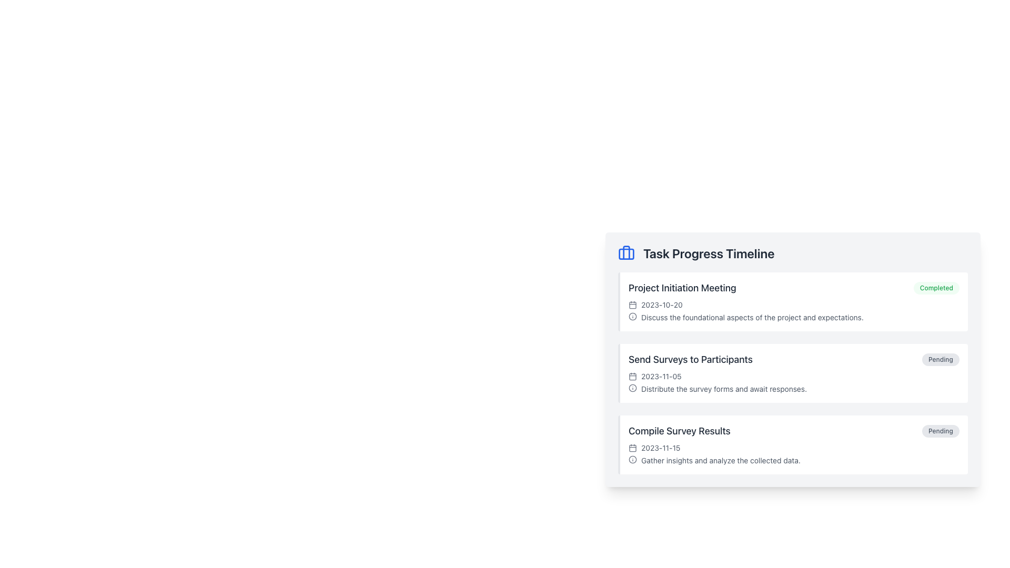 This screenshot has width=1010, height=568. I want to click on the static text with accompanying icon that provides instructions for 'Send Surveys to Participants', located beneath the date '2023-11-05' and above the next task section, aligning to the right of the circular info icon, so click(794, 389).